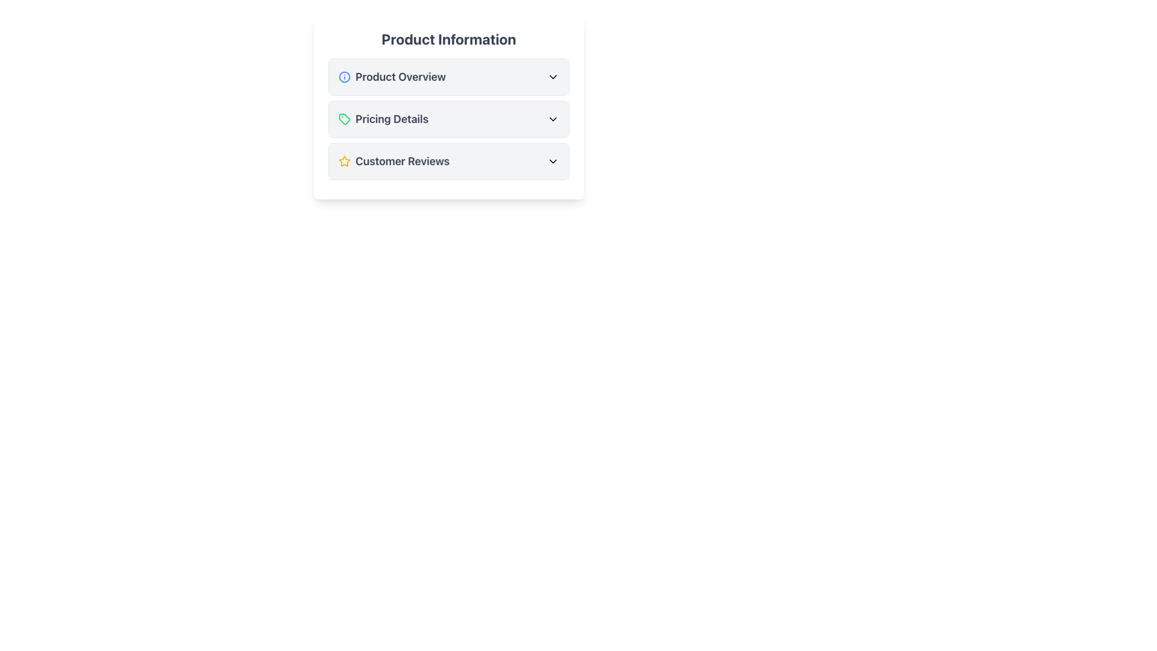  Describe the element at coordinates (343, 119) in the screenshot. I see `the icon located in the second list item labeled 'Pricing Details' under the heading 'Product Information', which signifies or represents a meaning associated with its context` at that location.